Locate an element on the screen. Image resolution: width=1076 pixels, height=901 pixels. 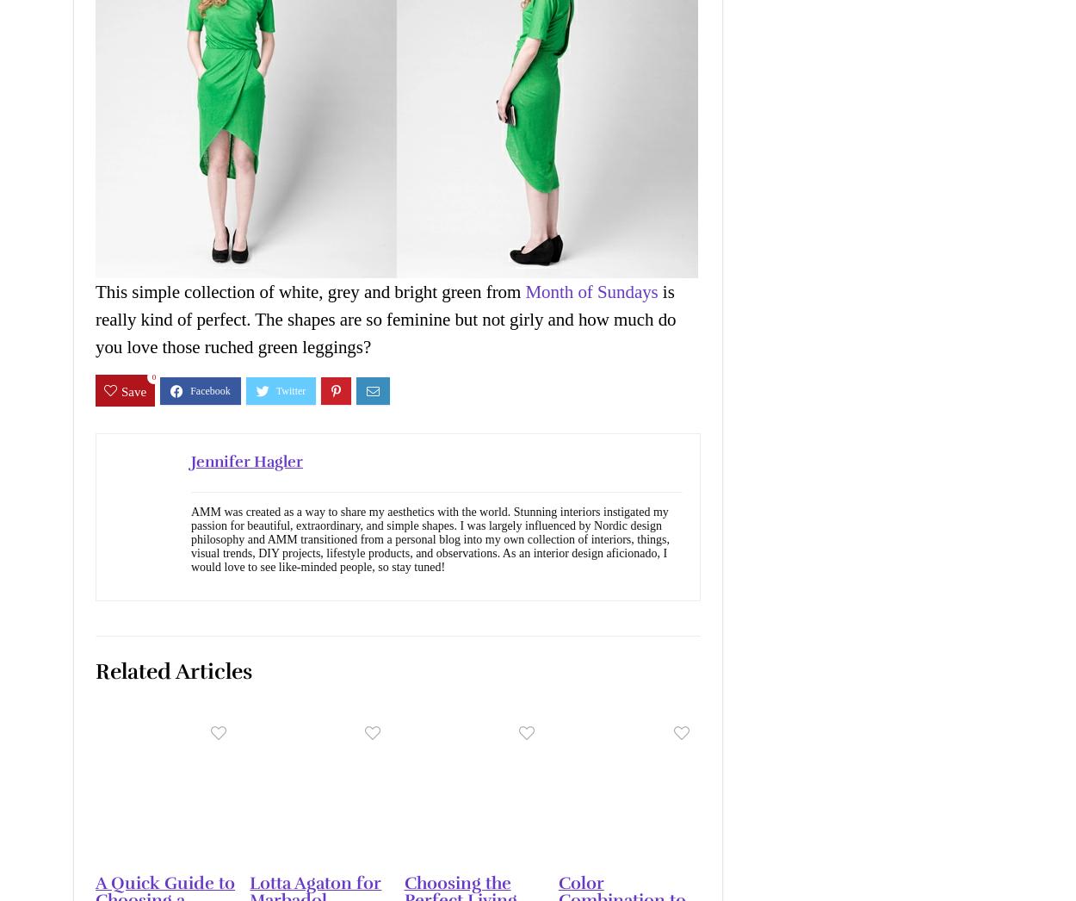
'Month of Sundays' is located at coordinates (591, 291).